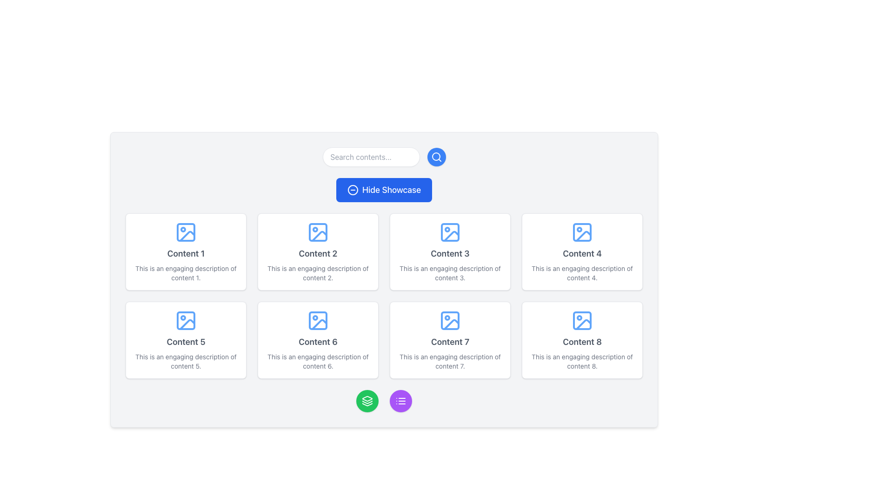  Describe the element at coordinates (318, 272) in the screenshot. I see `the text element located below the label 'Content 2', which is styled in a smaller gray font` at that location.